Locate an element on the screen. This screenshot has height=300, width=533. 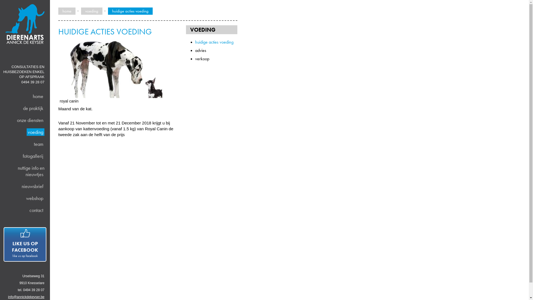
'royal canin' is located at coordinates (118, 96).